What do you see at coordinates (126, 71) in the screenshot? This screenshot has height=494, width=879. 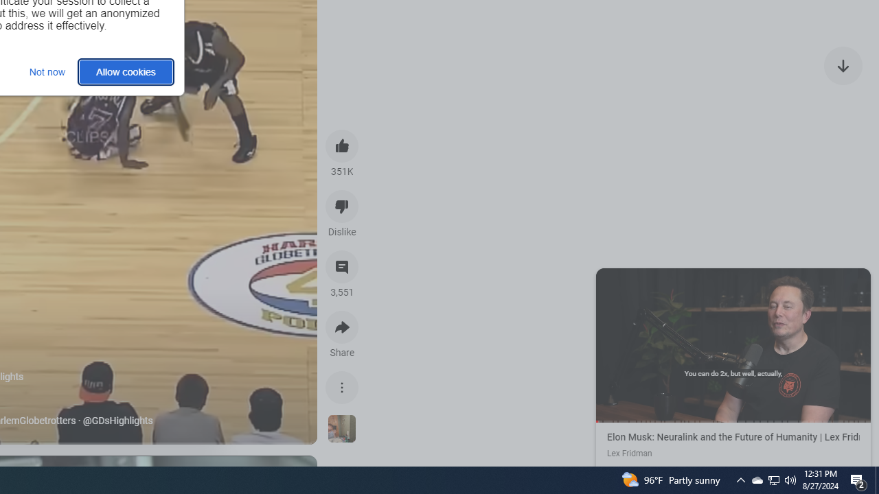 I see `'Allow cookies'` at bounding box center [126, 71].